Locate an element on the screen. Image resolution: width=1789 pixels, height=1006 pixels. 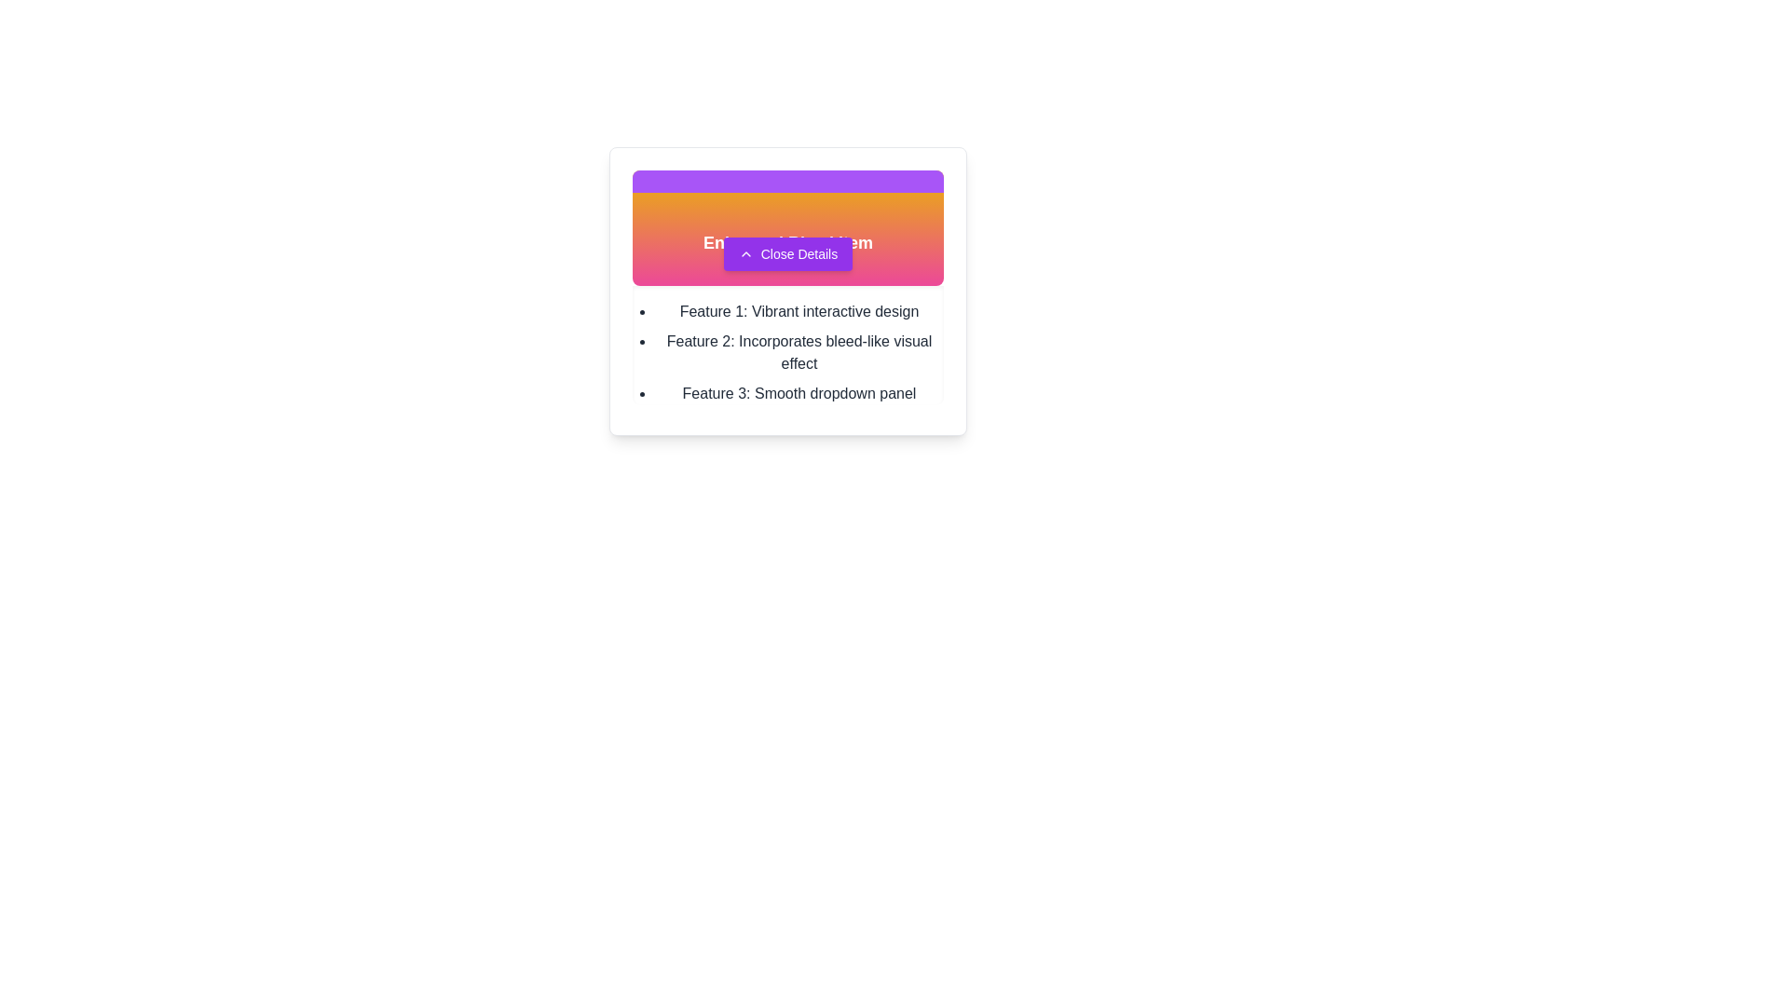
the text label displaying 'Enhanced Bleed Item', which is centrally positioned within a gradient background section is located at coordinates (787, 242).